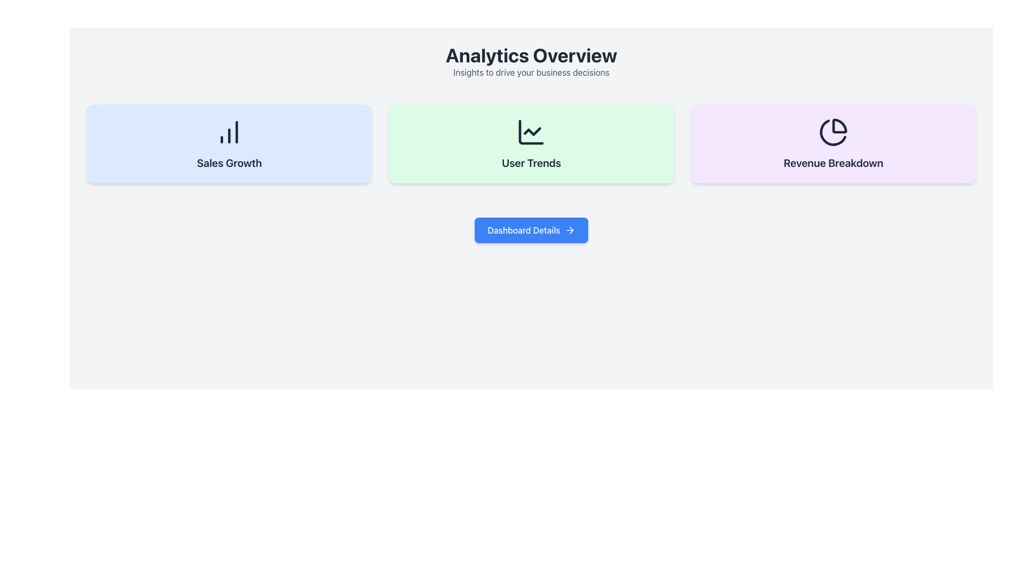 The width and height of the screenshot is (1024, 576). What do you see at coordinates (839, 125) in the screenshot?
I see `the right curved portion of the pie chart icon located within the purple card labeled 'Revenue Breakdown'` at bounding box center [839, 125].